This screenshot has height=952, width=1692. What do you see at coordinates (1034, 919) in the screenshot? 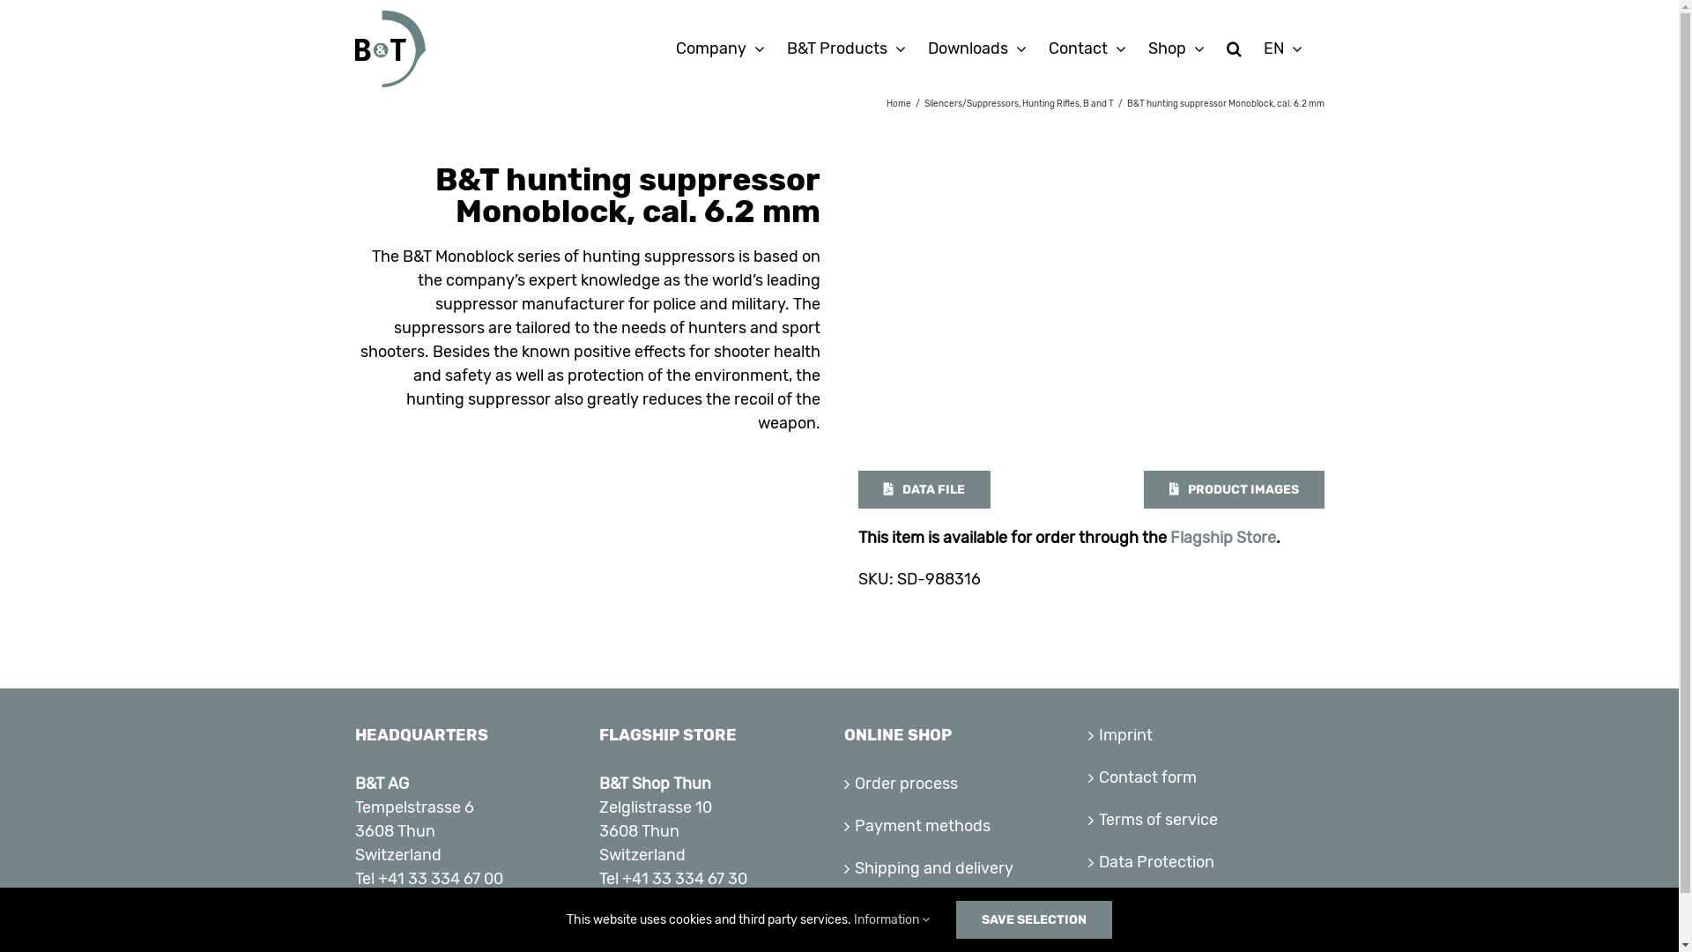
I see `'SAVE SELECTION'` at bounding box center [1034, 919].